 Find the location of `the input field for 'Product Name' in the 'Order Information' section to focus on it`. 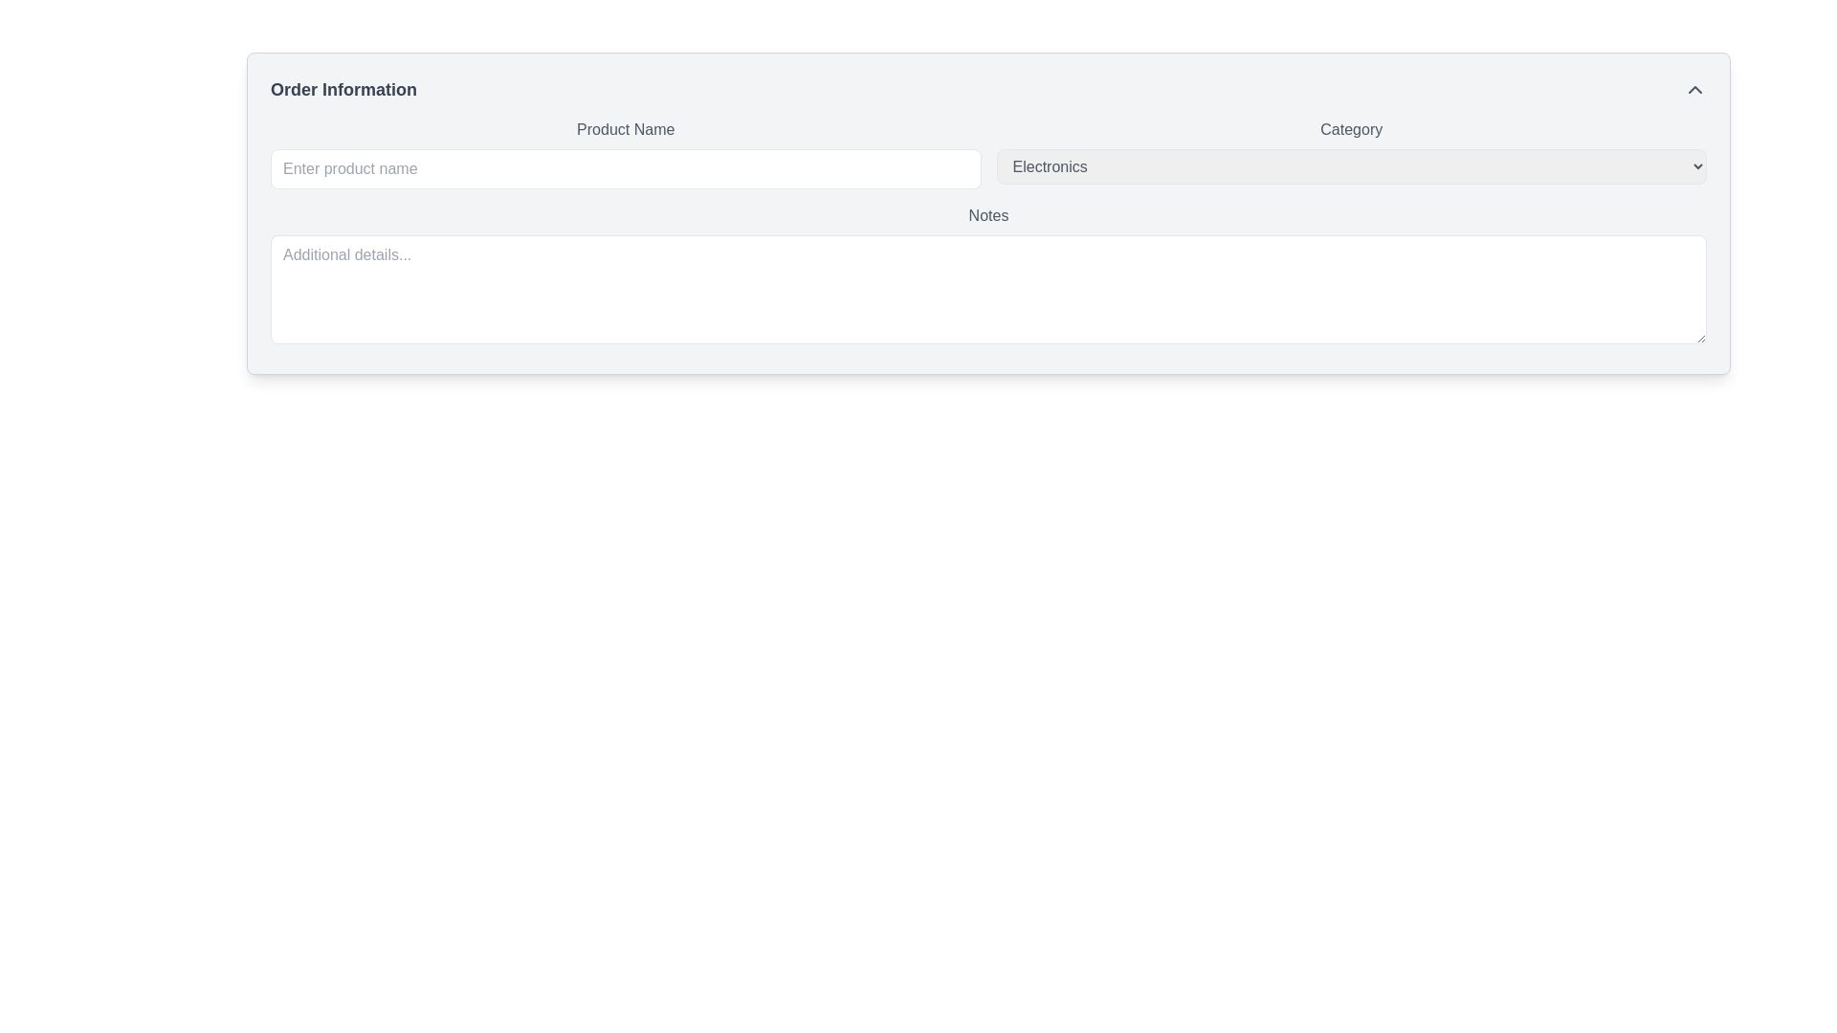

the input field for 'Product Name' in the 'Order Information' section to focus on it is located at coordinates (626, 168).